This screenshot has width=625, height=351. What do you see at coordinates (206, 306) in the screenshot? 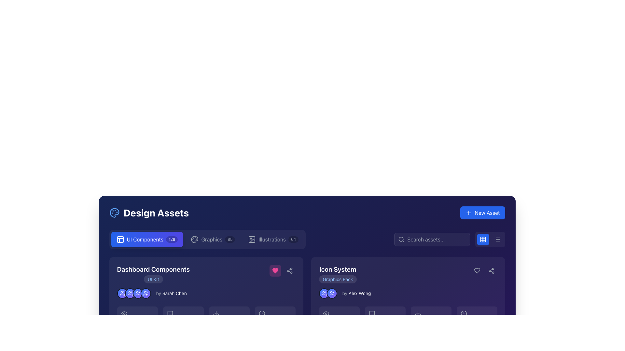
I see `the 'Download' button located within the 'Dashboard Components' card that contains the subtitle 'UI Kit' and the description 'by Sarah Chen'` at bounding box center [206, 306].